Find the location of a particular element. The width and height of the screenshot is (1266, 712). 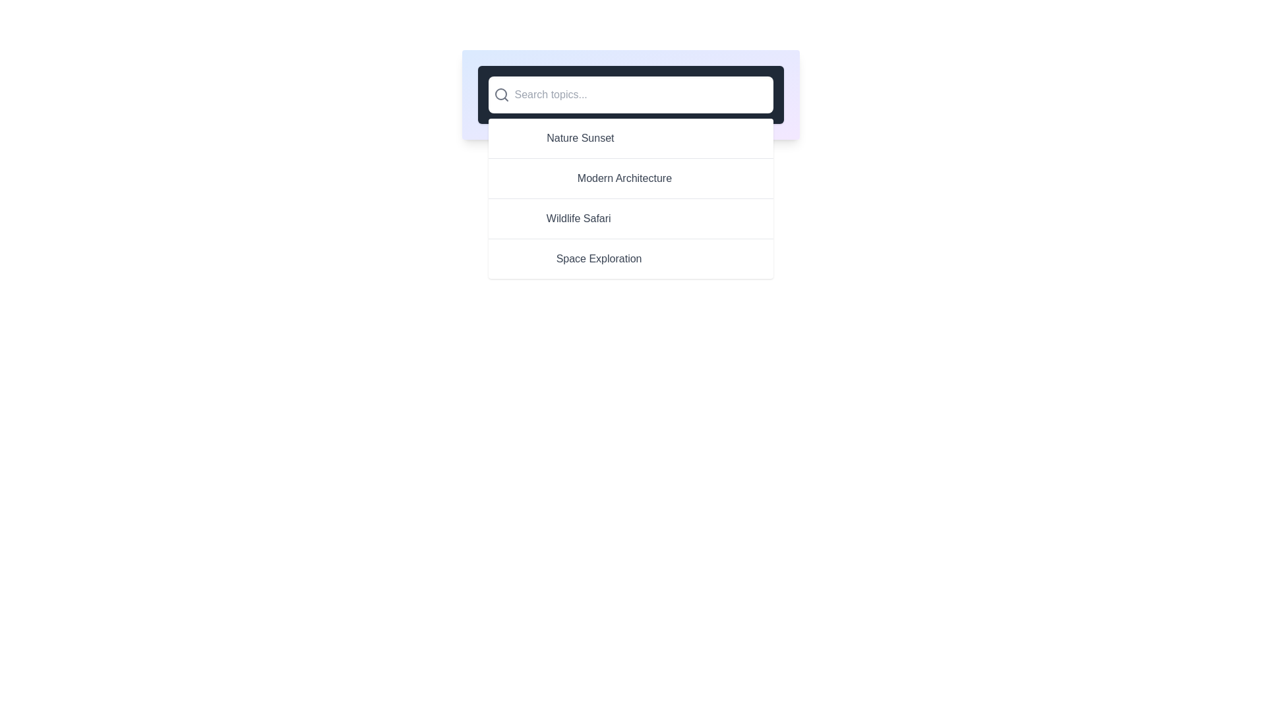

the first option in the dropdown list below the 'Search topics...' input field is located at coordinates (580, 138).